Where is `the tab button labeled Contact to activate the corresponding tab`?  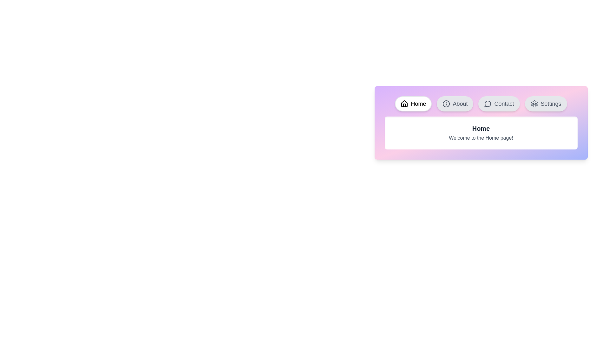
the tab button labeled Contact to activate the corresponding tab is located at coordinates (499, 103).